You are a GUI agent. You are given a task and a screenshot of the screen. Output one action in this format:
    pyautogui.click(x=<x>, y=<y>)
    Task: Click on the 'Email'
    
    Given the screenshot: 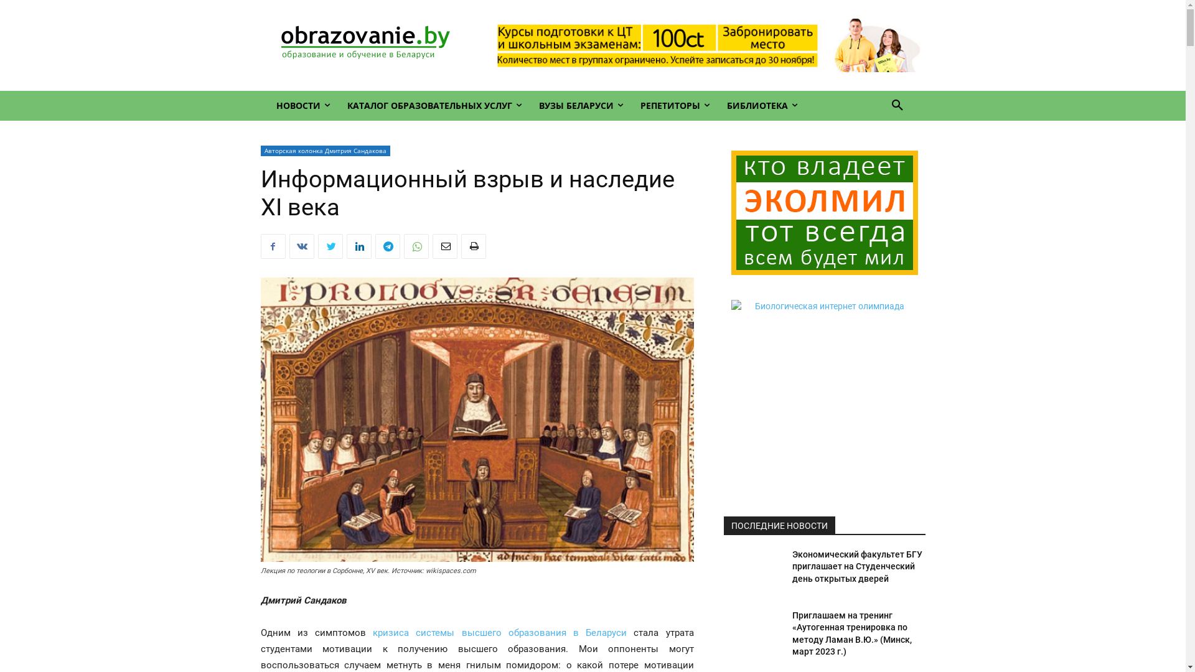 What is the action you would take?
    pyautogui.click(x=444, y=246)
    